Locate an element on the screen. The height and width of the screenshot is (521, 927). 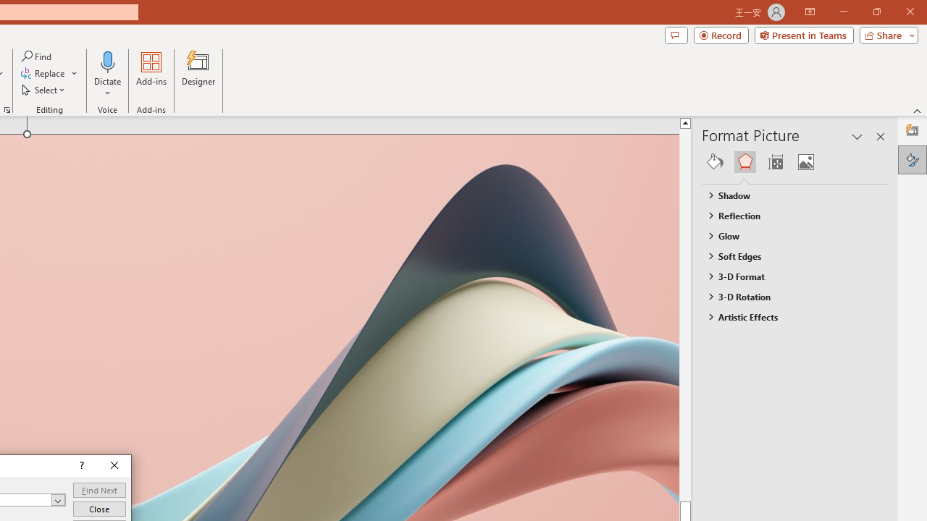
'Ribbon Display Options' is located at coordinates (809, 12).